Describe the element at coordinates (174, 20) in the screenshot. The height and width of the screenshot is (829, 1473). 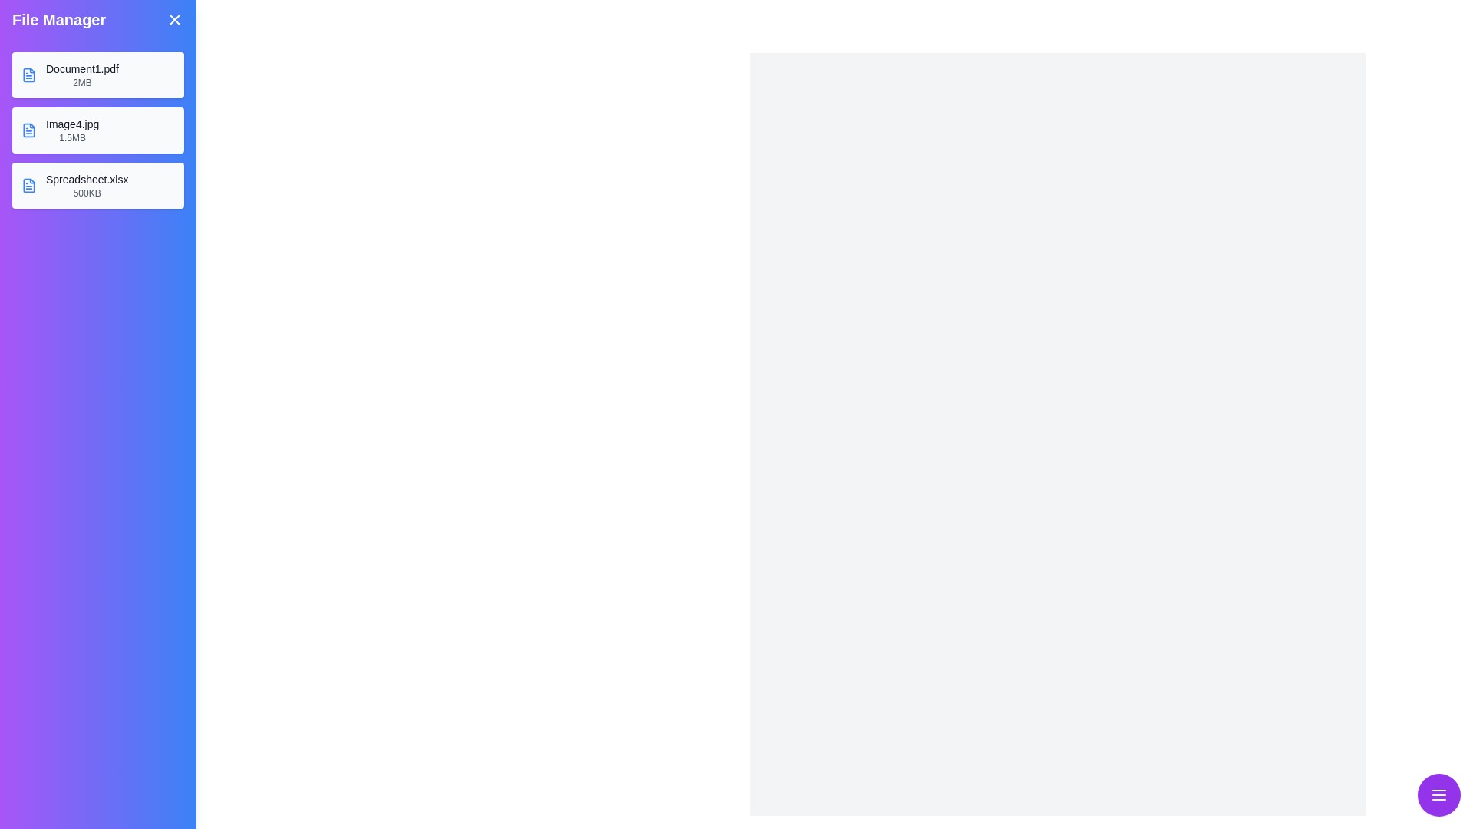
I see `the Close or Dismiss Button located in the top-right corner of the sidebar with a gradient purple-to-blue background` at that location.